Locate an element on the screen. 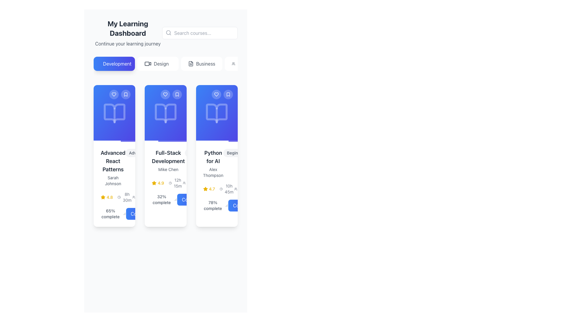  text '32% complete' which is styled in gray color and appears in a smaller font size, located in the details panel for the course 'Full-Stack Development' is located at coordinates (164, 199).